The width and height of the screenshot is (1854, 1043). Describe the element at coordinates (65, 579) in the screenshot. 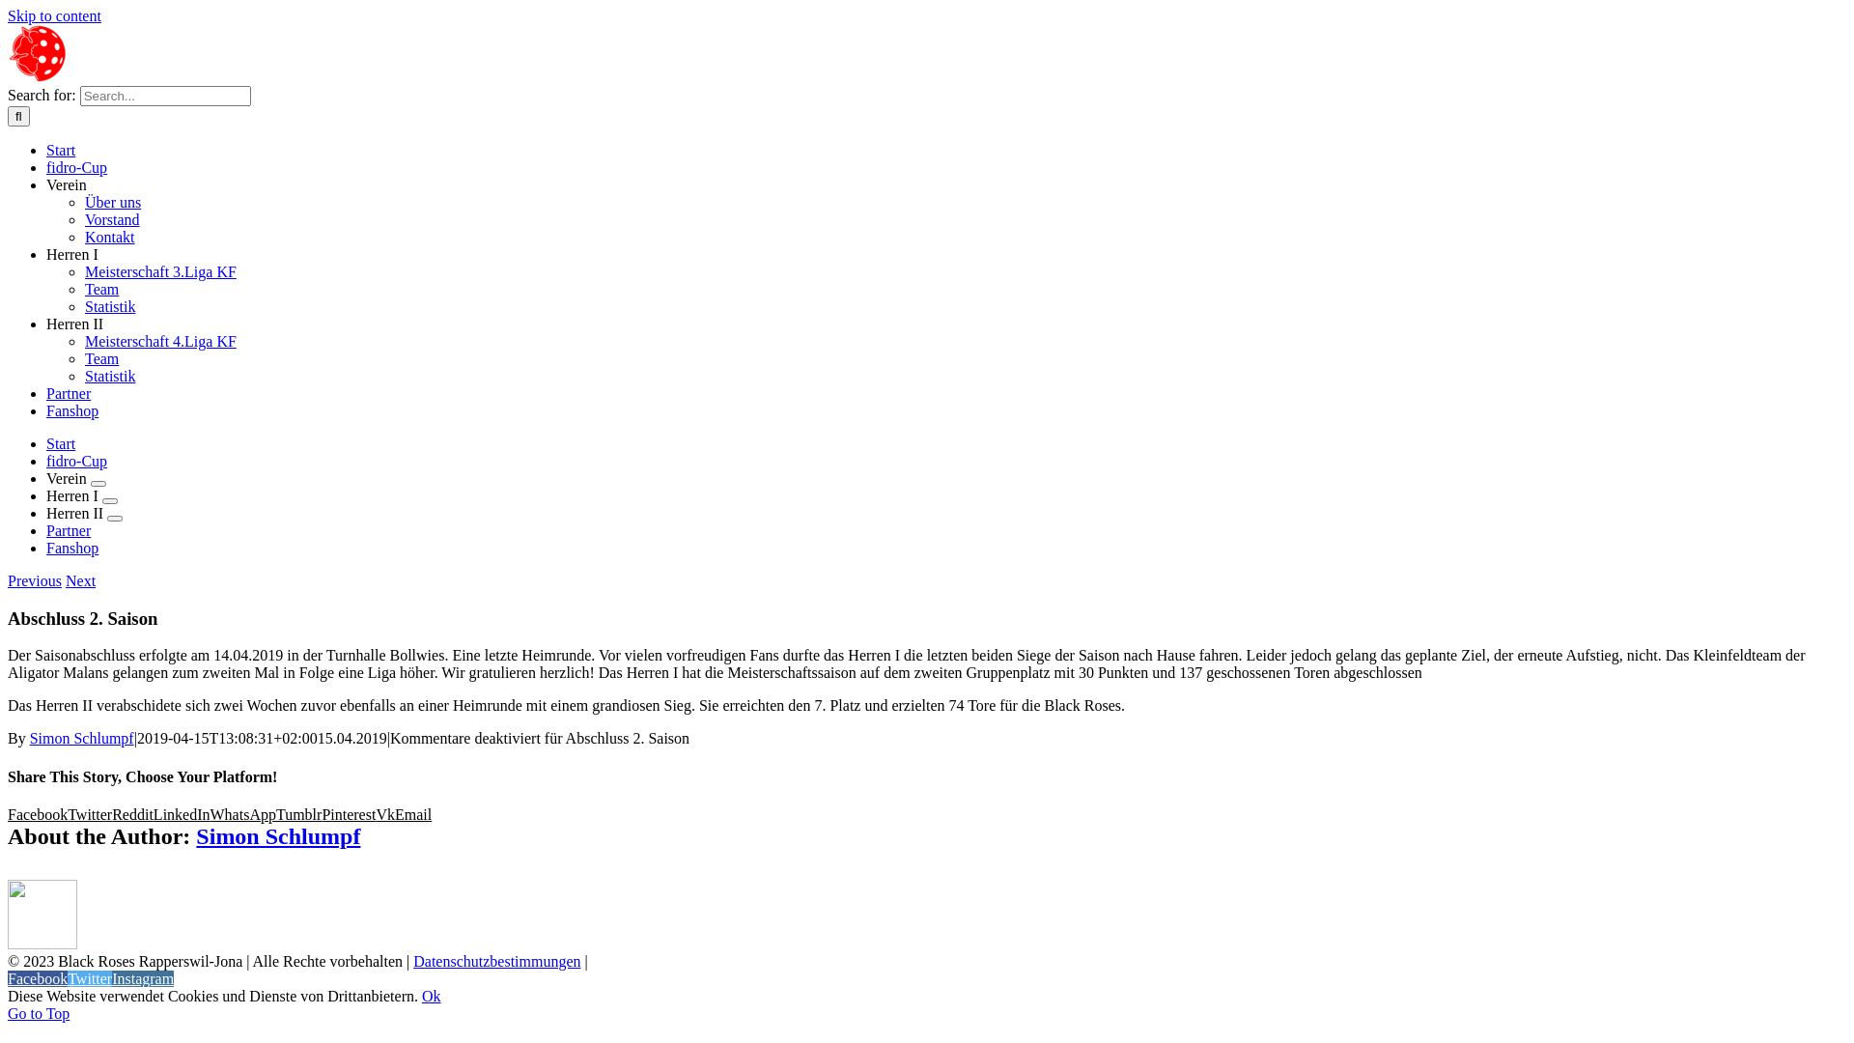

I see `'Next'` at that location.